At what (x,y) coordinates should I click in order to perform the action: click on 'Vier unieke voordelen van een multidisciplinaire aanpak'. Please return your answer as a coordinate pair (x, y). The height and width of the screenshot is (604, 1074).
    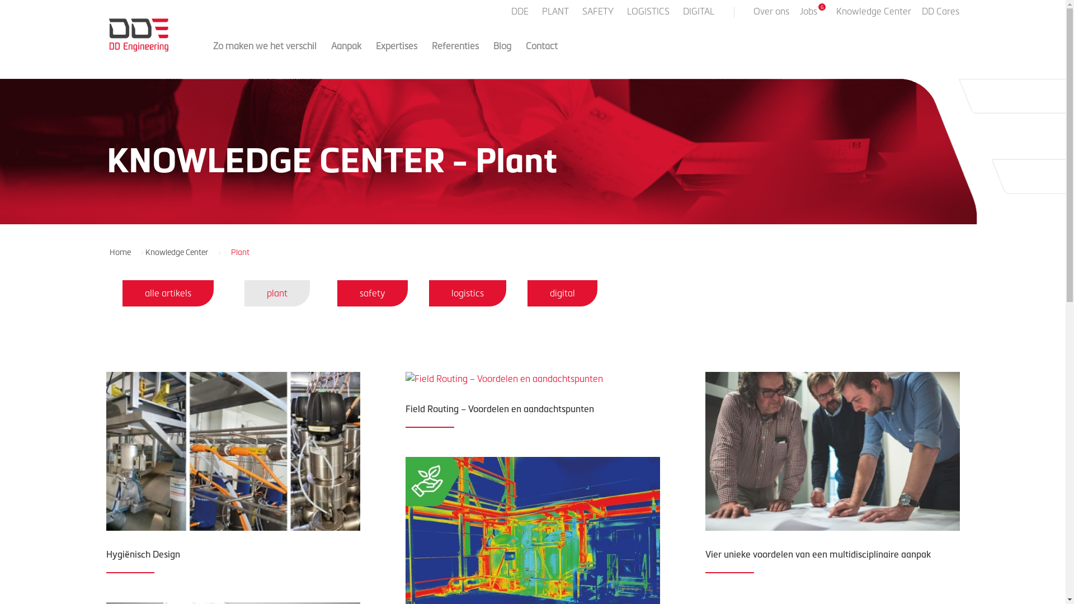
    Looking at the image, I should click on (818, 554).